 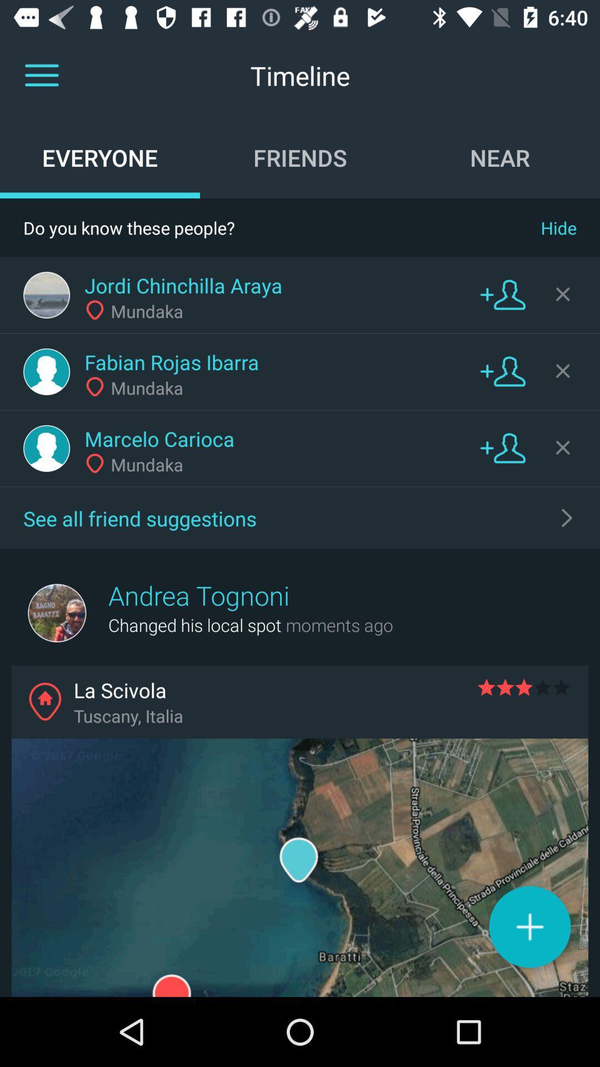 What do you see at coordinates (275, 690) in the screenshot?
I see `the la scivola` at bounding box center [275, 690].